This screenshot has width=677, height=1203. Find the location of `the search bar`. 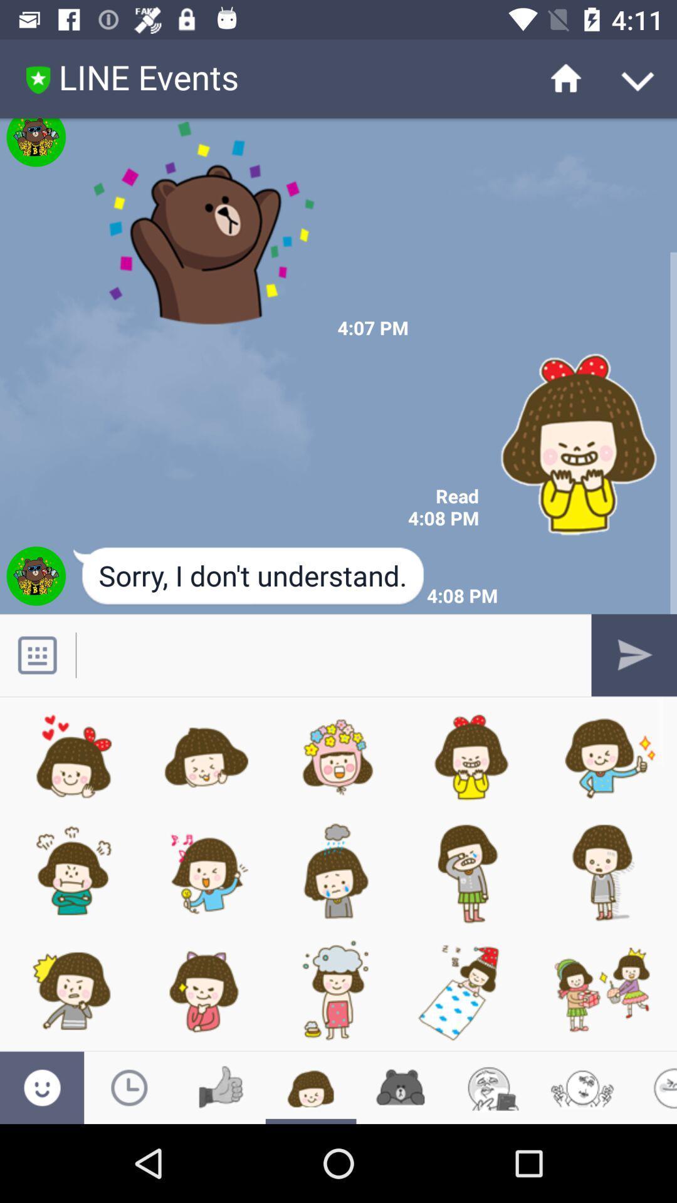

the search bar is located at coordinates (325, 654).